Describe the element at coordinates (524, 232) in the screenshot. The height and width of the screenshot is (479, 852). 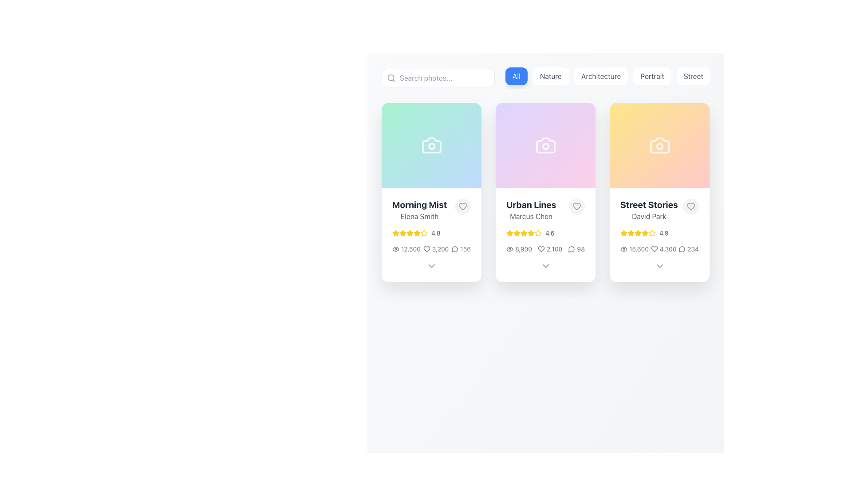
I see `the fifth star icon in the rating system within the second card labeled 'Urban Lines'` at that location.